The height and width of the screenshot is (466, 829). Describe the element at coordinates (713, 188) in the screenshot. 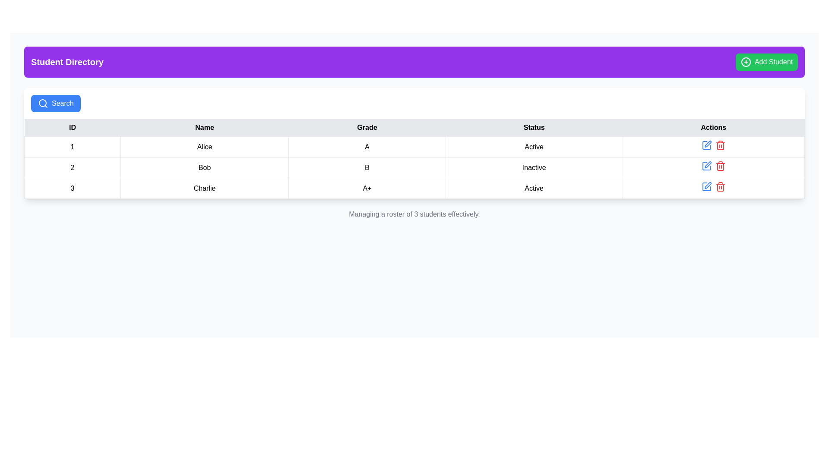

I see `the blue pencil icon located in the fifth column of the row corresponding to the student 'Charlie'` at that location.